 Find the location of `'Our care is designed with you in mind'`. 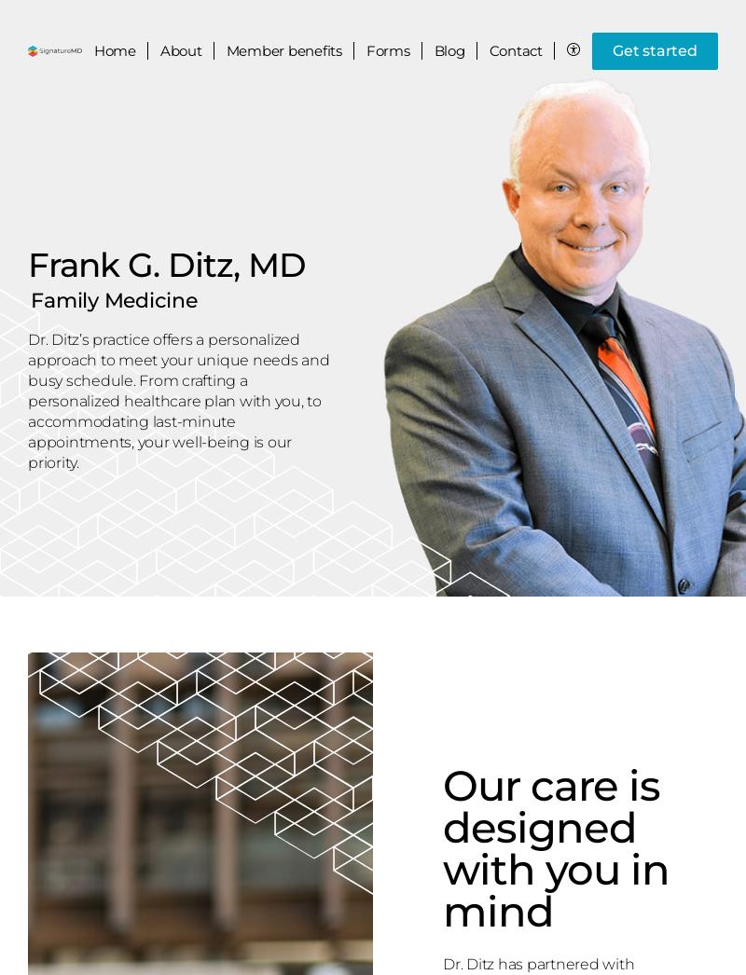

'Our care is designed with you in mind' is located at coordinates (555, 848).